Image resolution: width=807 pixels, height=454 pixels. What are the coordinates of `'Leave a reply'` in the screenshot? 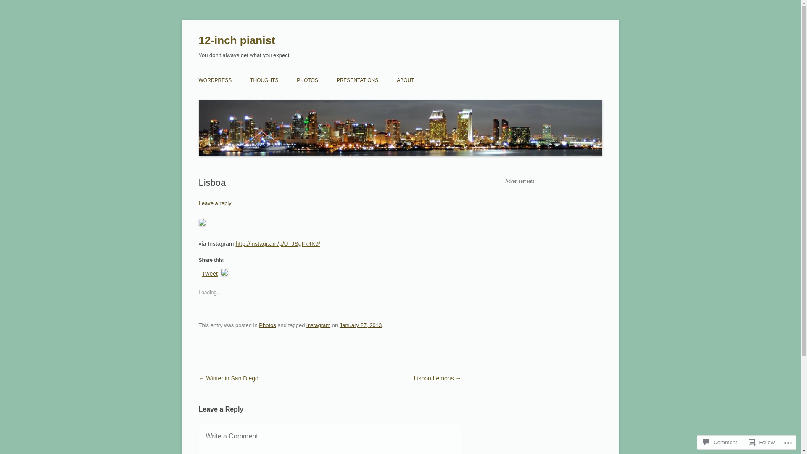 It's located at (198, 203).